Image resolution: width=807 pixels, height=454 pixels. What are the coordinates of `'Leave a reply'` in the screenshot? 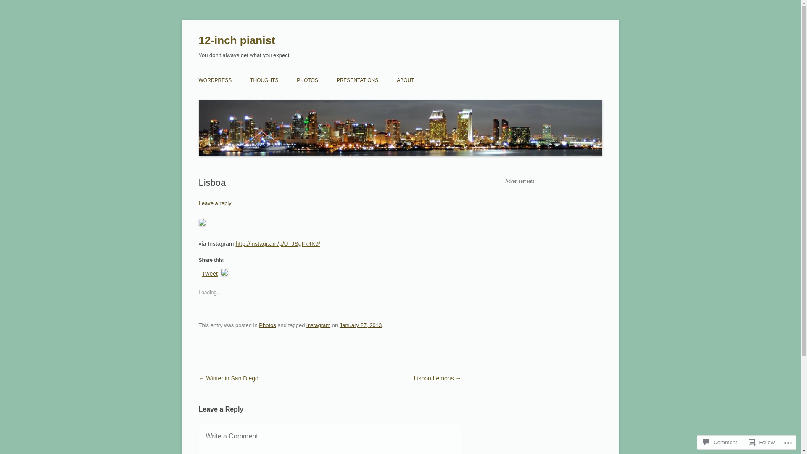 It's located at (198, 203).